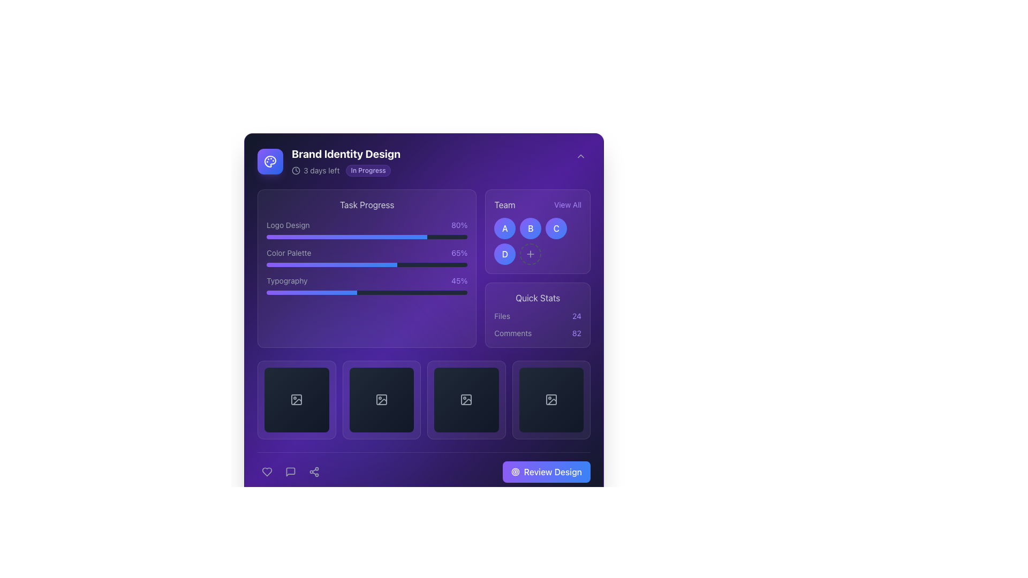  I want to click on the progress bar located in the 'Task Progress' section, which displays the task name and its completion percentage, so click(367, 229).